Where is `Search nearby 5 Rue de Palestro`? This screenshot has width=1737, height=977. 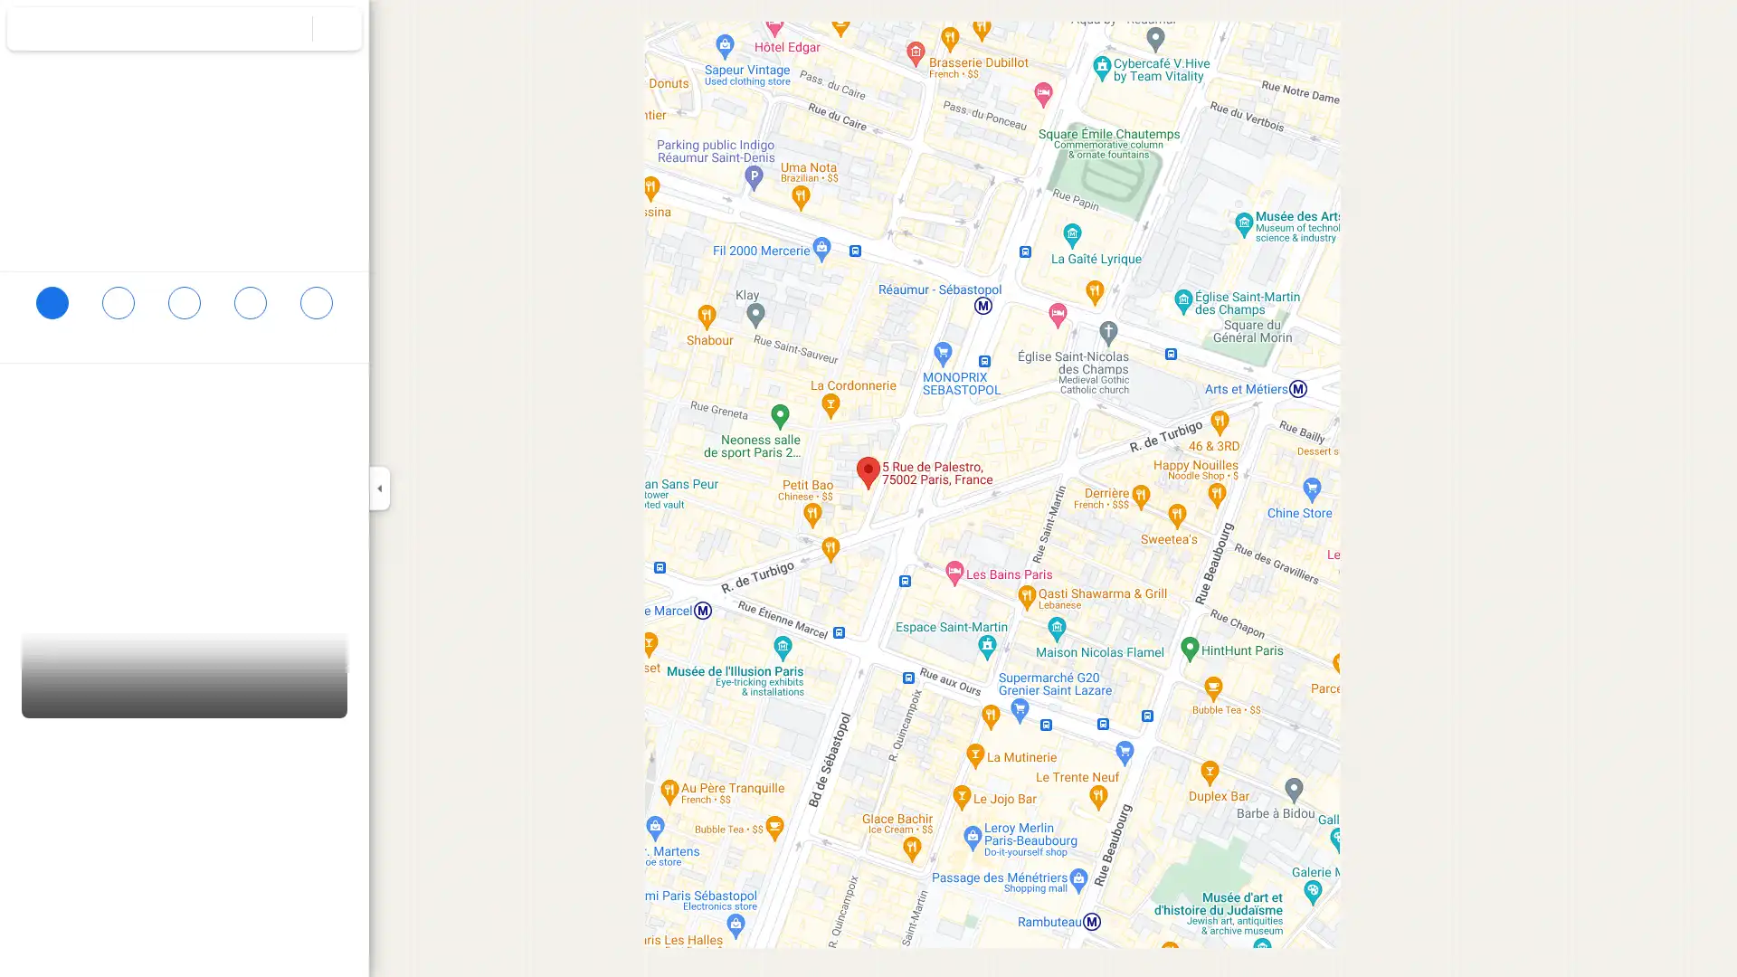 Search nearby 5 Rue de Palestro is located at coordinates (184, 309).